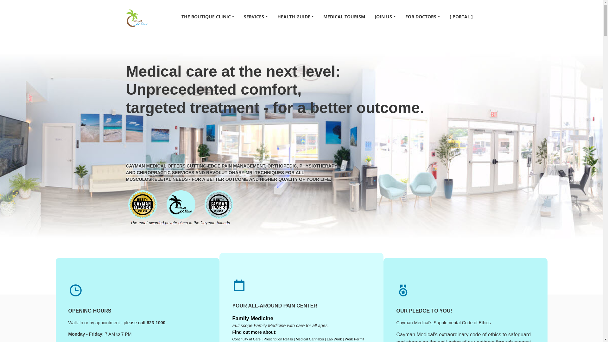 The width and height of the screenshot is (608, 342). I want to click on 'HEALTH GUIDE', so click(295, 16).